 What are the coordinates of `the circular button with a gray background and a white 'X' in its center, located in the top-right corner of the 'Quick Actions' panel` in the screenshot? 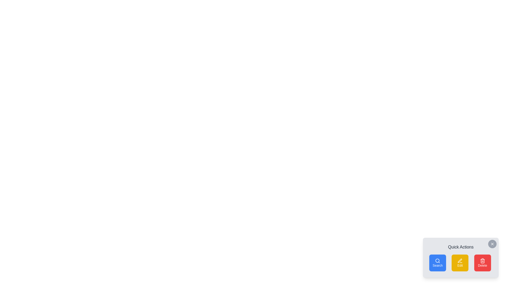 It's located at (492, 244).